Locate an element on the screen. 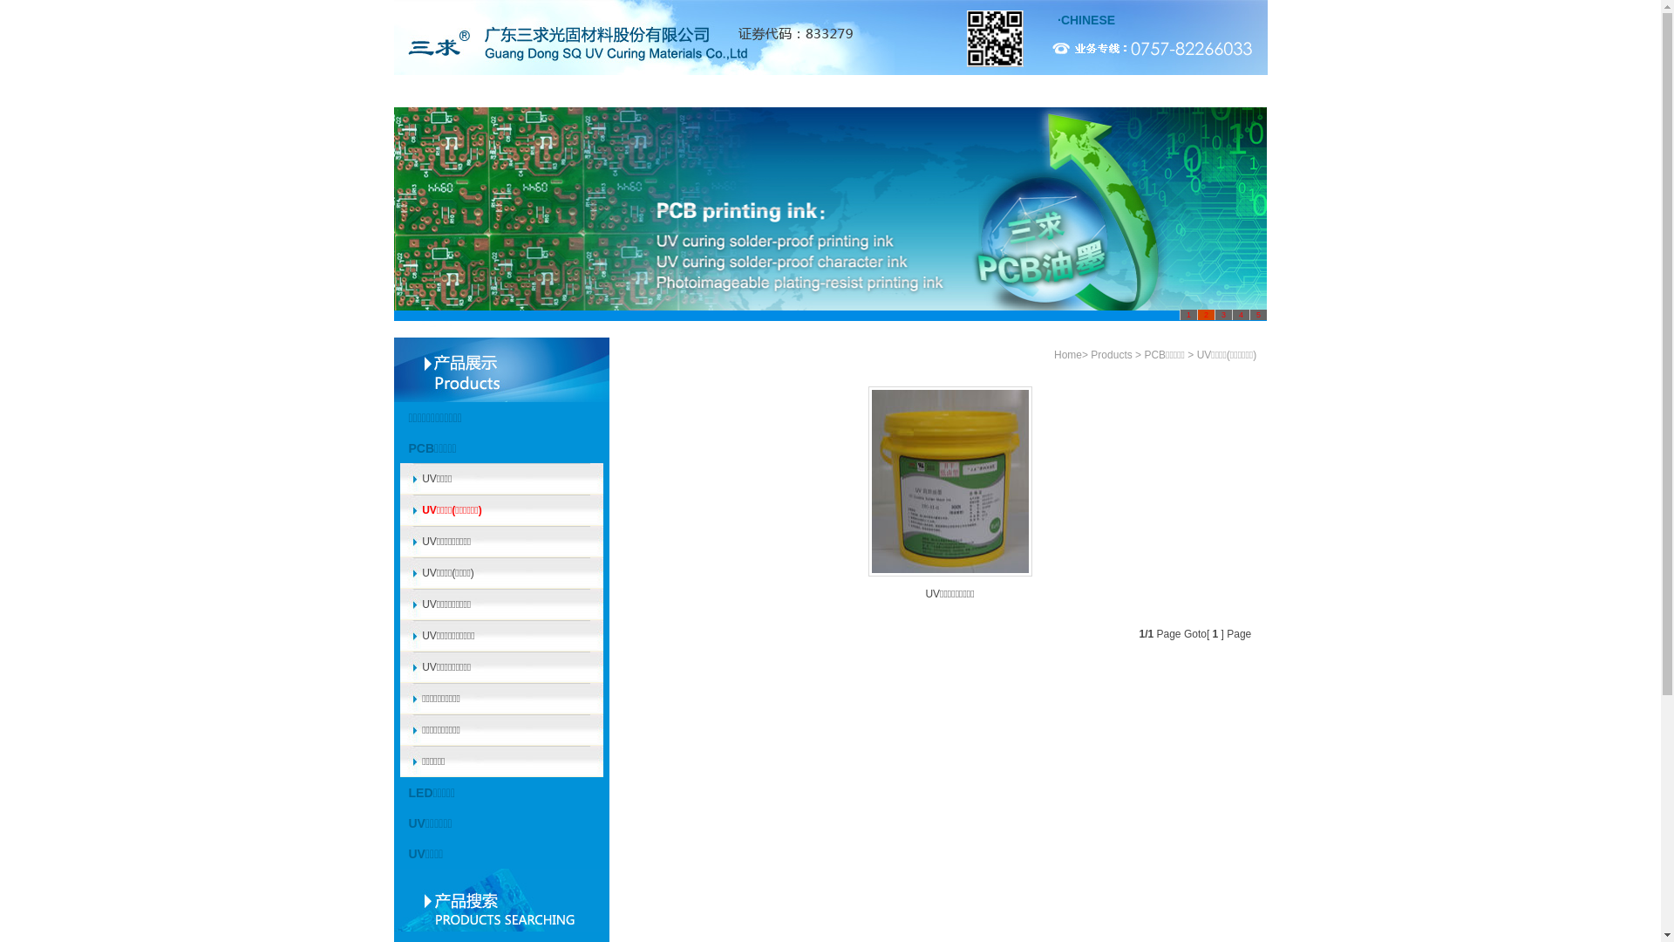  'CHINESE' is located at coordinates (1087, 20).